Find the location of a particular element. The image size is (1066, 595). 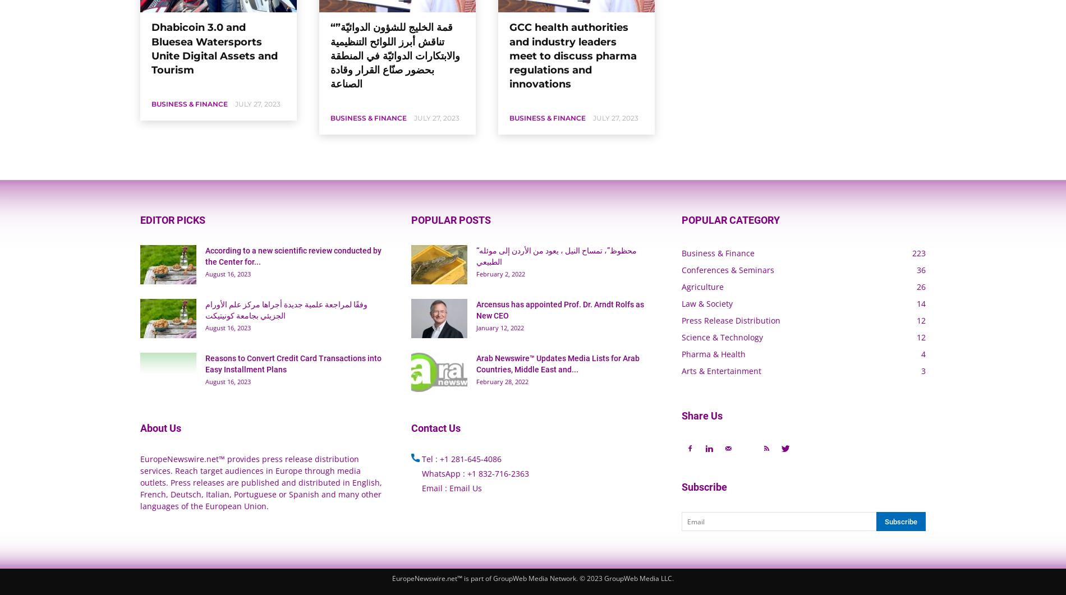

'Agriculture' is located at coordinates (702, 287).